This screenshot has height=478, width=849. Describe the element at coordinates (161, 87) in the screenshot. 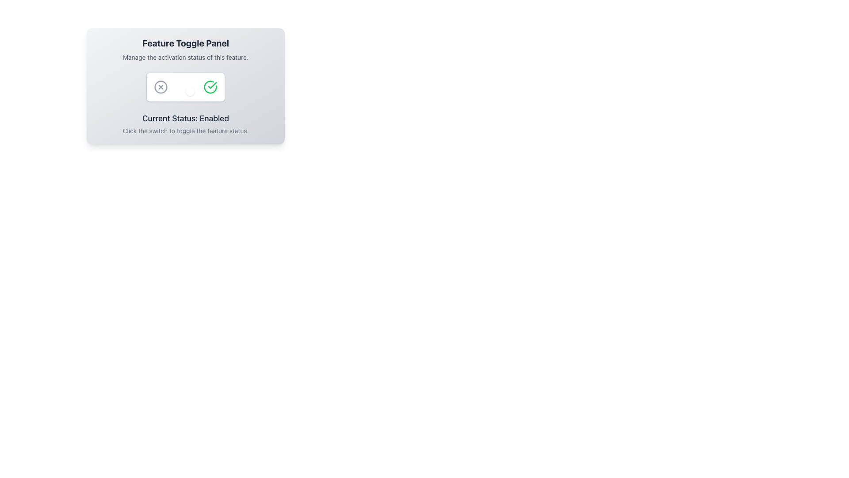

I see `the first icon on the left in the 'Feature Toggle Panel'` at that location.